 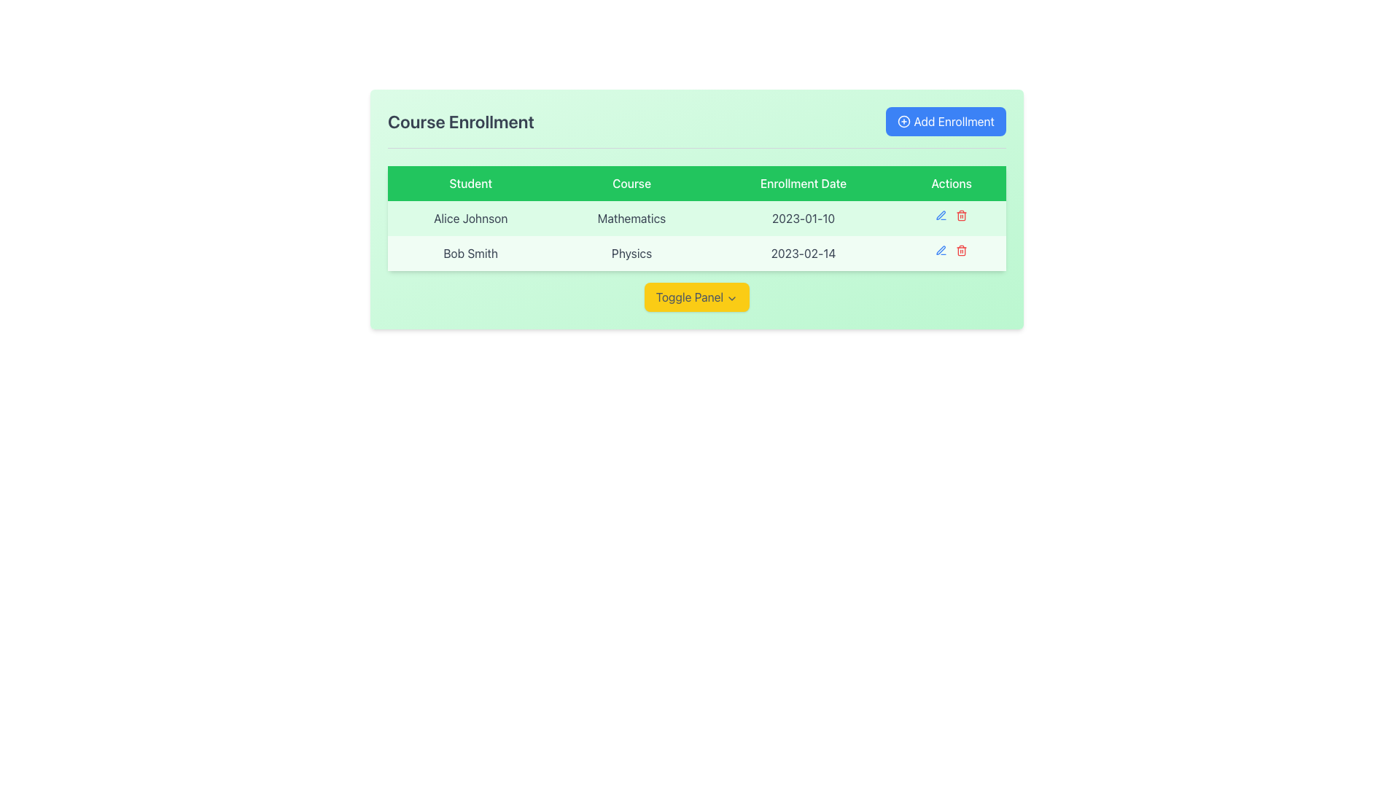 What do you see at coordinates (941, 249) in the screenshot?
I see `the edit icon button in the 'Actions' column of the second row, which modifies the enrollment details for 'Bob Smith'` at bounding box center [941, 249].